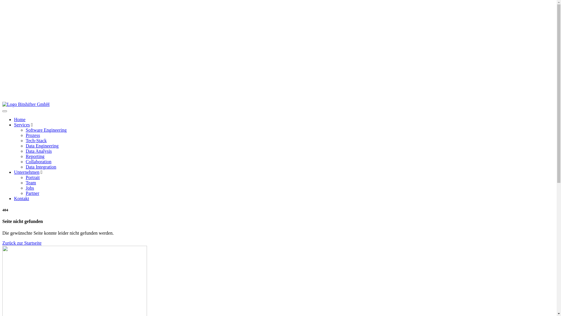 This screenshot has height=316, width=561. Describe the element at coordinates (30, 182) in the screenshot. I see `'Team'` at that location.